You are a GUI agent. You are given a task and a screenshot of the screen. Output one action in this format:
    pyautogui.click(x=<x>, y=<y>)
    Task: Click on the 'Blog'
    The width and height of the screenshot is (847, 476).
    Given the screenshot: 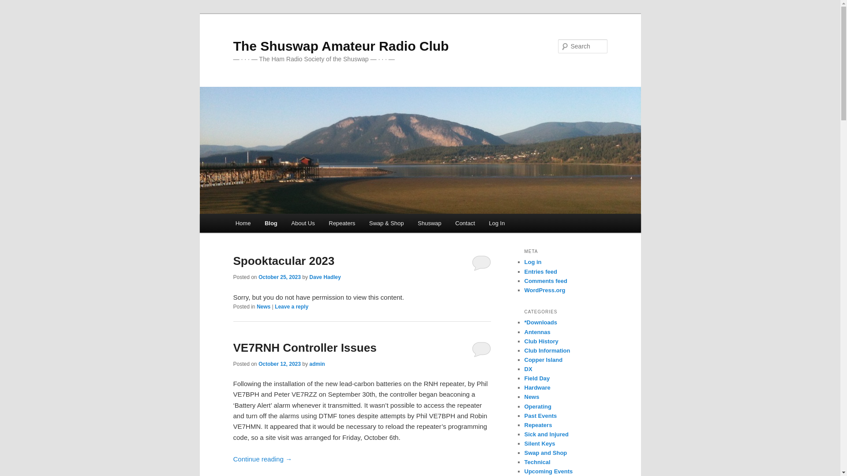 What is the action you would take?
    pyautogui.click(x=270, y=223)
    